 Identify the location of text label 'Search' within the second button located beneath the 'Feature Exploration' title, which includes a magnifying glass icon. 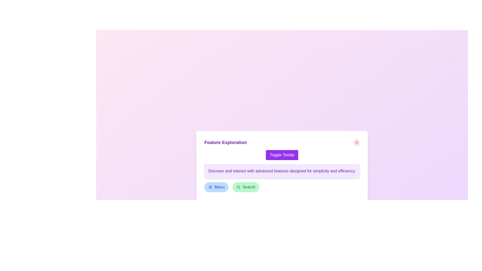
(249, 187).